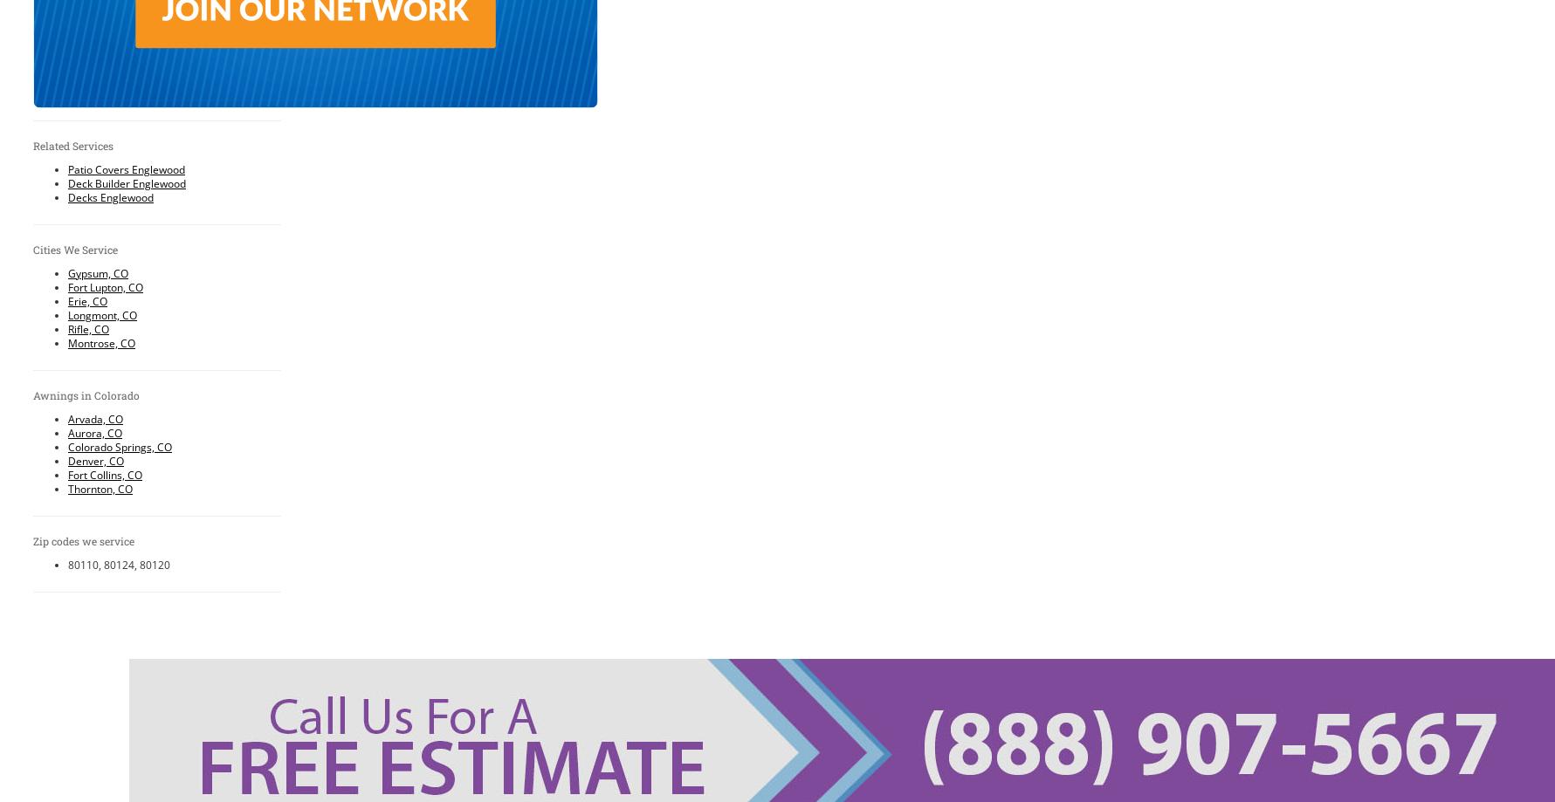 This screenshot has width=1555, height=802. What do you see at coordinates (95, 459) in the screenshot?
I see `'Denver, CO'` at bounding box center [95, 459].